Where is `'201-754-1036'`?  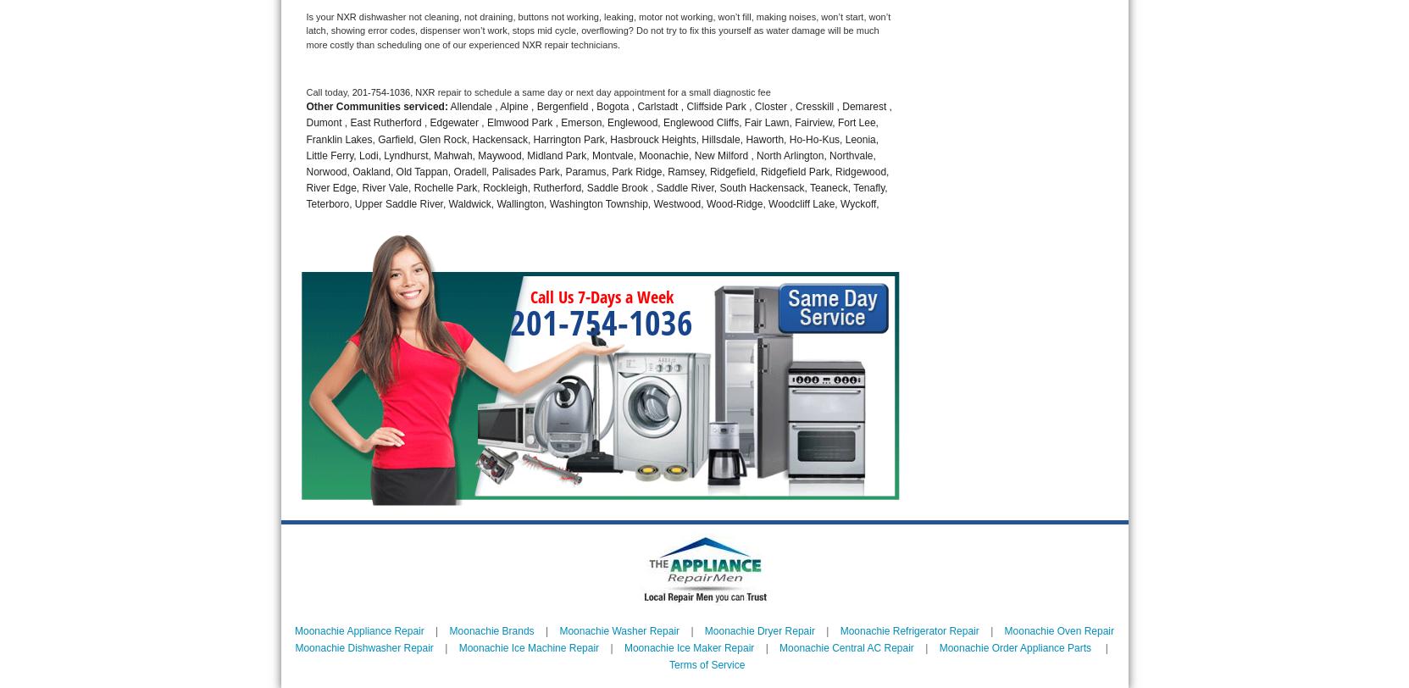
'201-754-1036' is located at coordinates (601, 322).